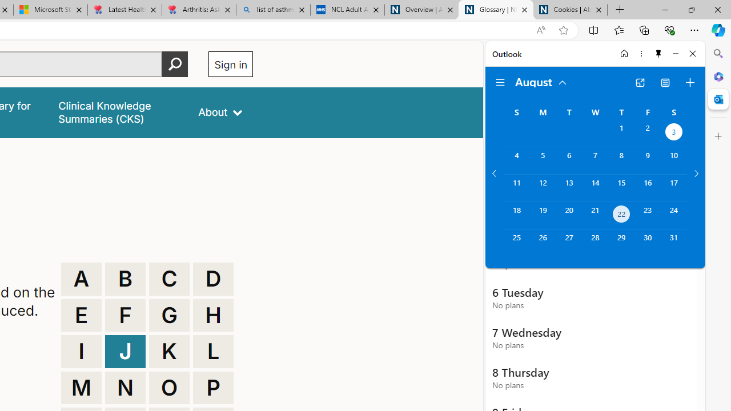 This screenshot has height=411, width=731. I want to click on 'Thursday, August 29, 2024. ', so click(621, 242).